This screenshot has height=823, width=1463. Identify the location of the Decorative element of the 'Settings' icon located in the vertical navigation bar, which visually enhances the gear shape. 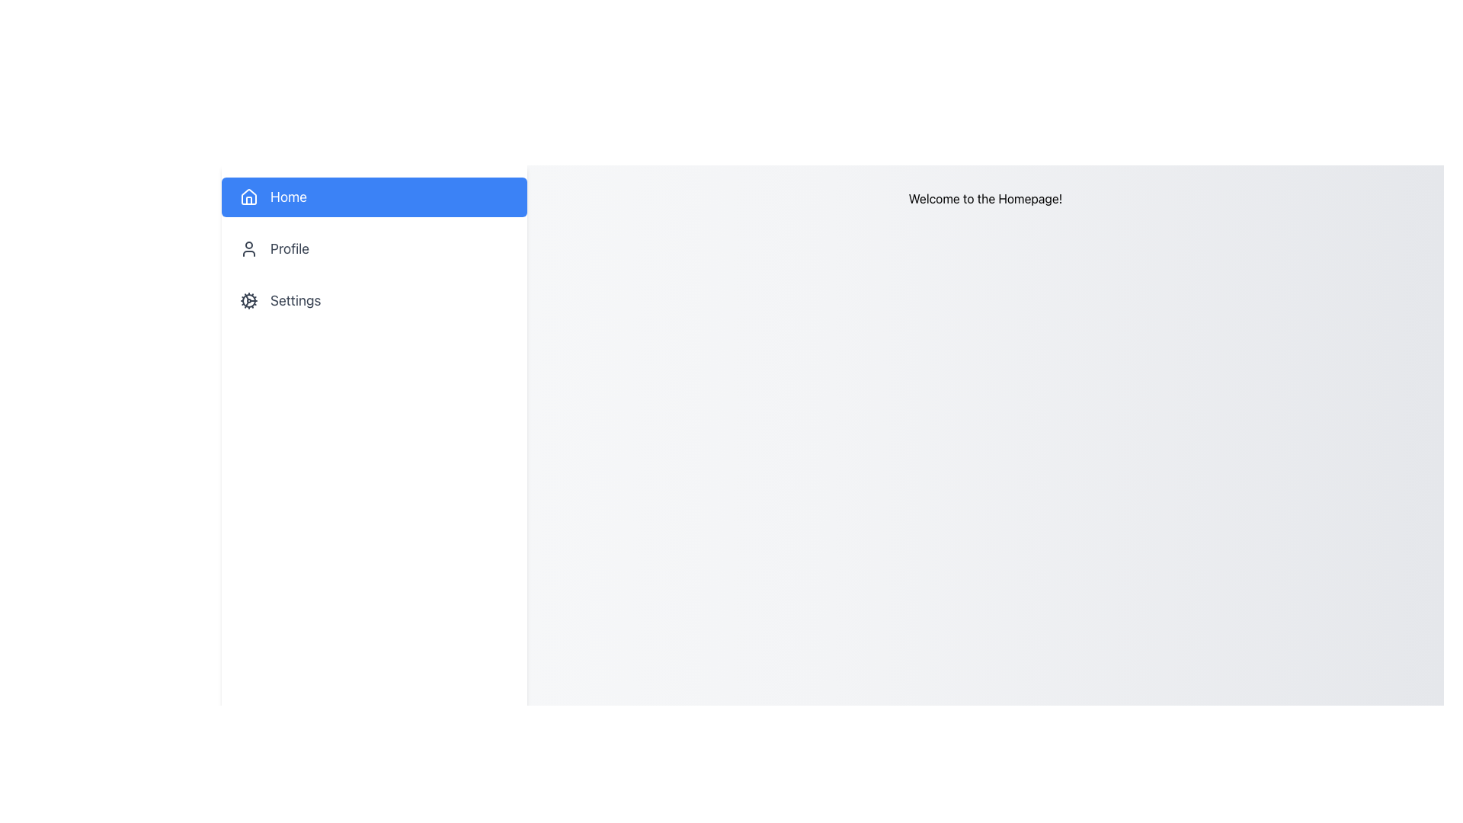
(248, 300).